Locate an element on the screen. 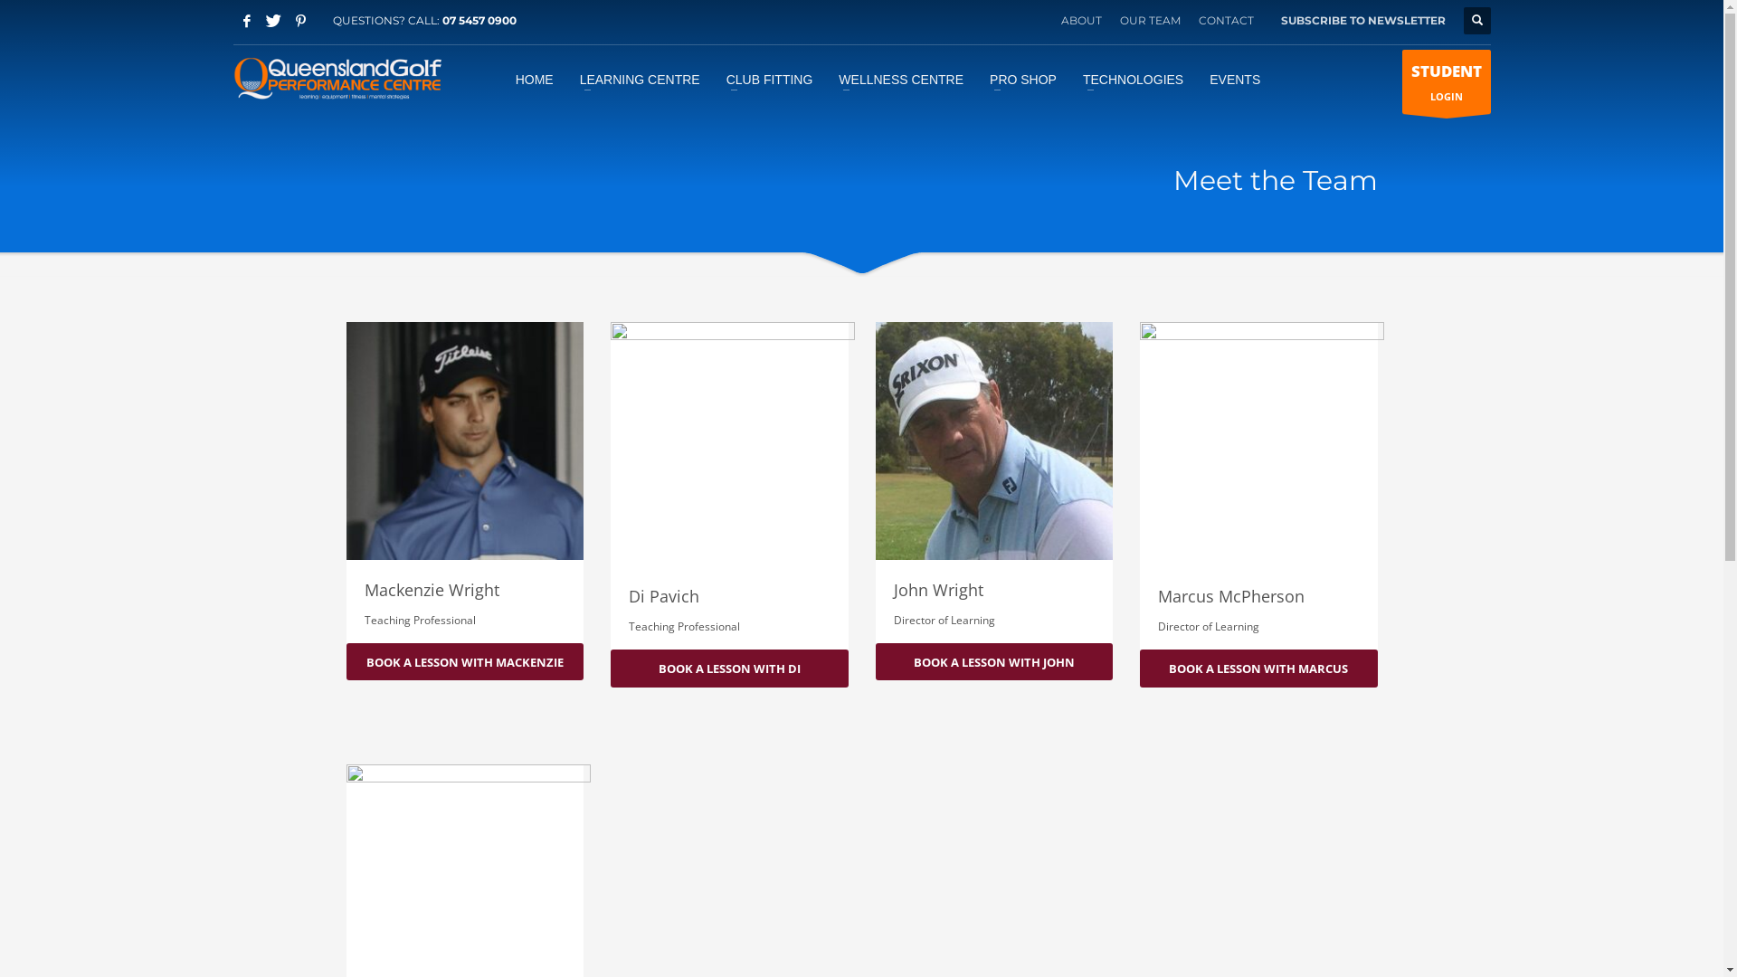 This screenshot has height=977, width=1737. 'BOOK A LESSON WITH MACKENZIE' is located at coordinates (464, 661).